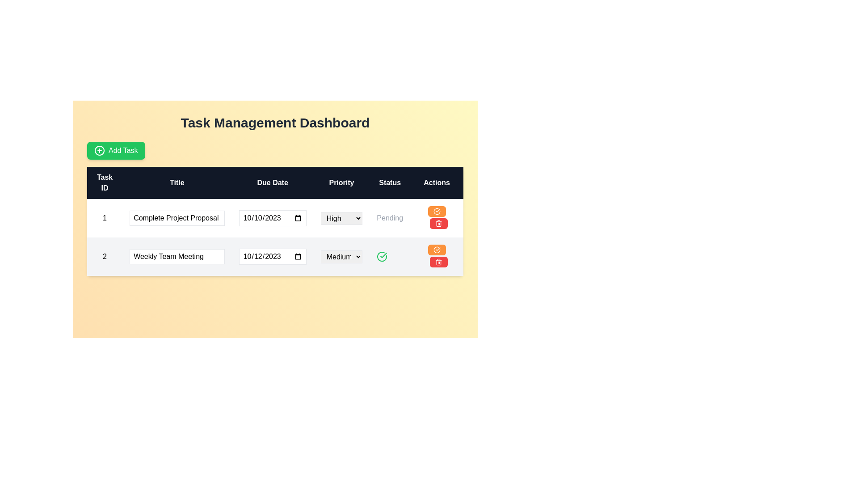 The width and height of the screenshot is (858, 483). What do you see at coordinates (272, 257) in the screenshot?
I see `the date input field that displays '10/12/2023'` at bounding box center [272, 257].